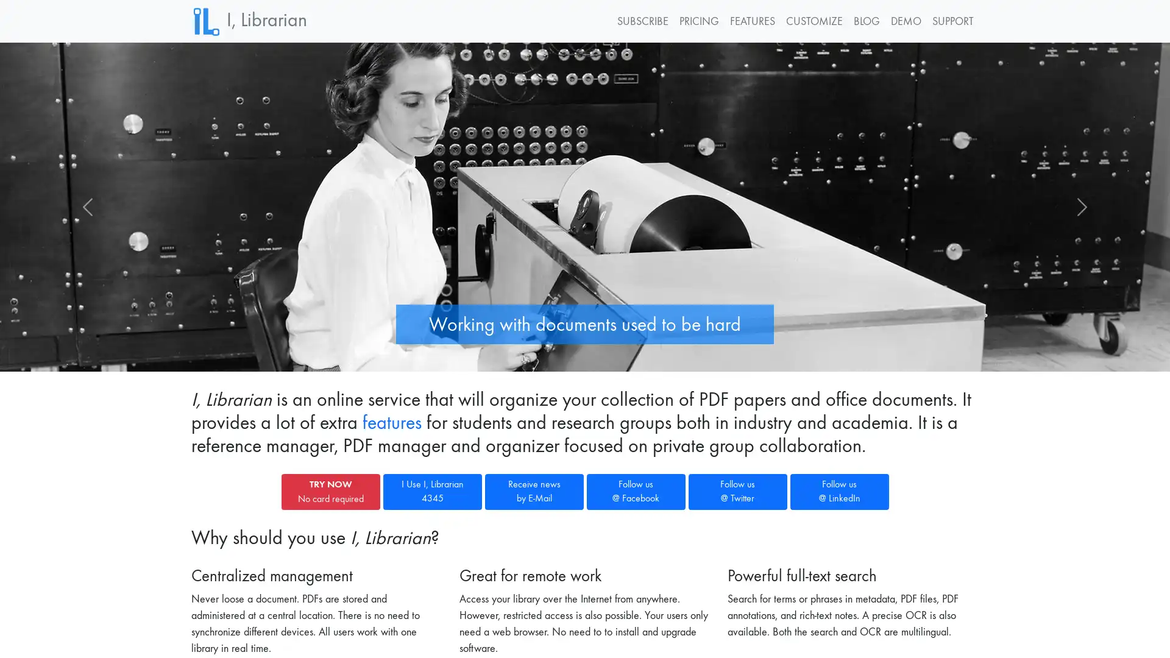 The height and width of the screenshot is (658, 1170). What do you see at coordinates (432, 490) in the screenshot?
I see `I Use I, Librarian 4345` at bounding box center [432, 490].